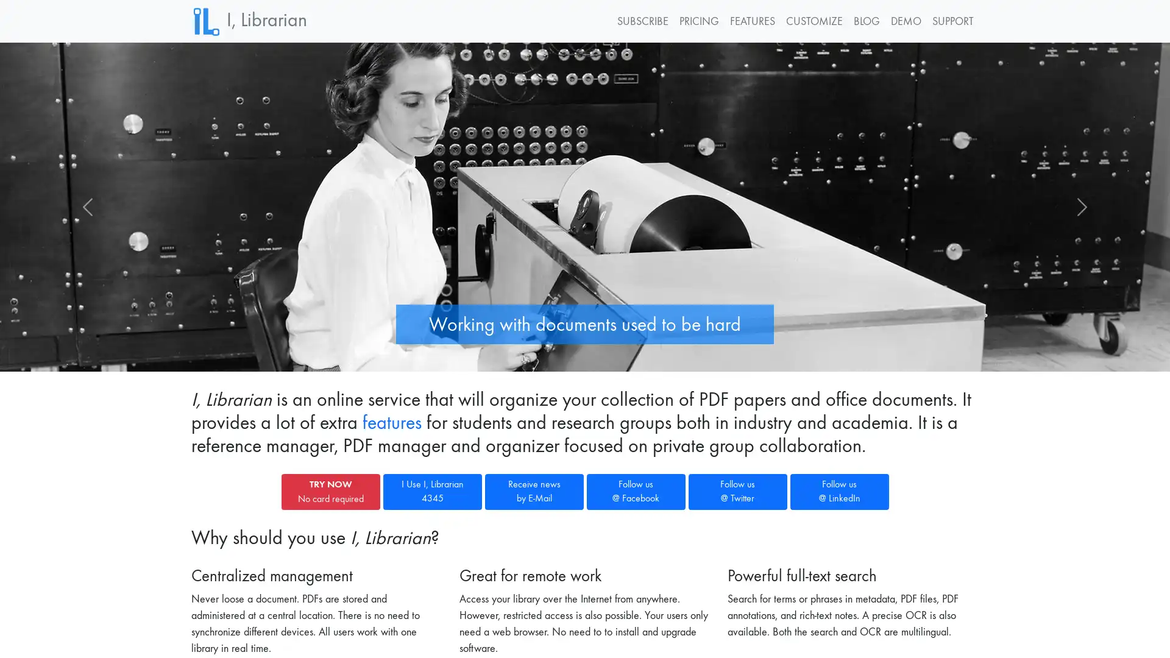 The height and width of the screenshot is (658, 1170). What do you see at coordinates (432, 490) in the screenshot?
I see `I Use I, Librarian 4345` at bounding box center [432, 490].